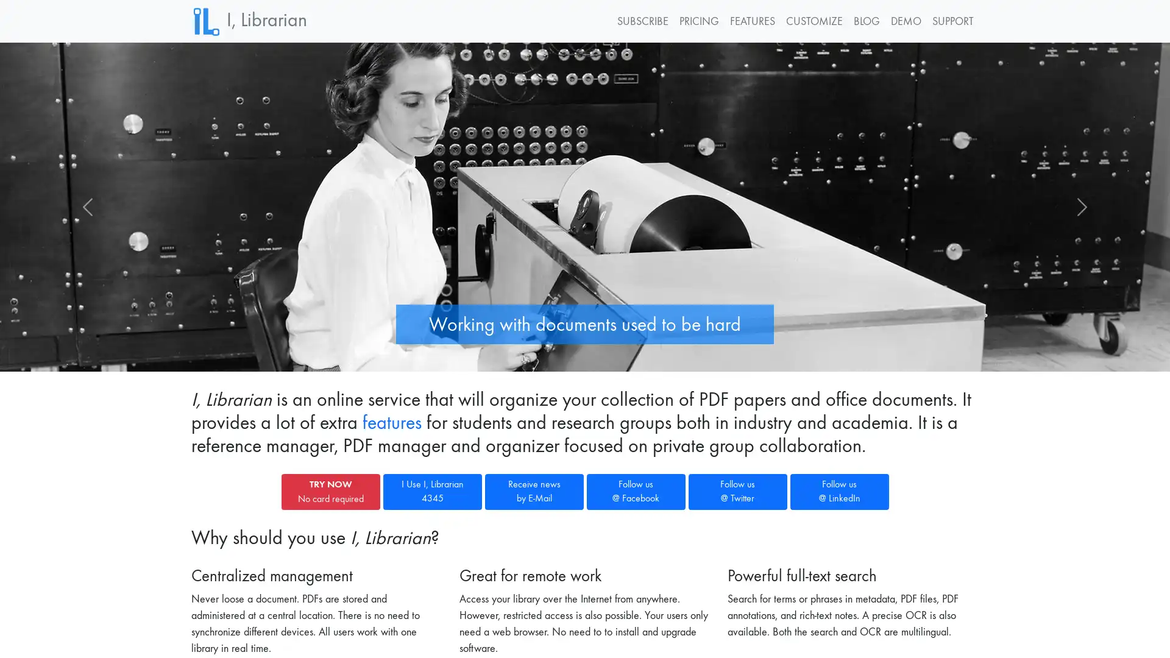 The height and width of the screenshot is (658, 1170). What do you see at coordinates (432, 490) in the screenshot?
I see `I Use I, Librarian 4345` at bounding box center [432, 490].